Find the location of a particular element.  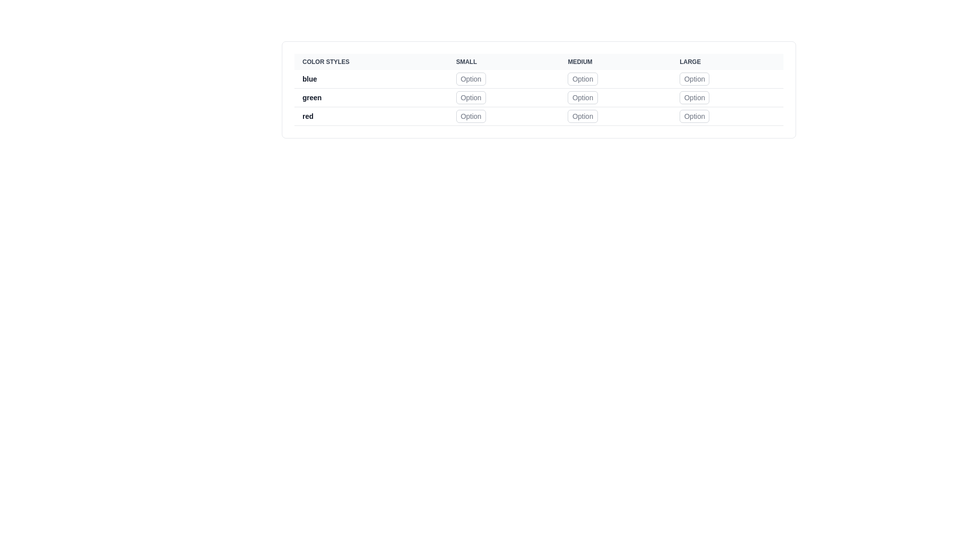

the button-like UI component in the 'SMALL' column of the 'blue' row in the table is located at coordinates (504, 79).